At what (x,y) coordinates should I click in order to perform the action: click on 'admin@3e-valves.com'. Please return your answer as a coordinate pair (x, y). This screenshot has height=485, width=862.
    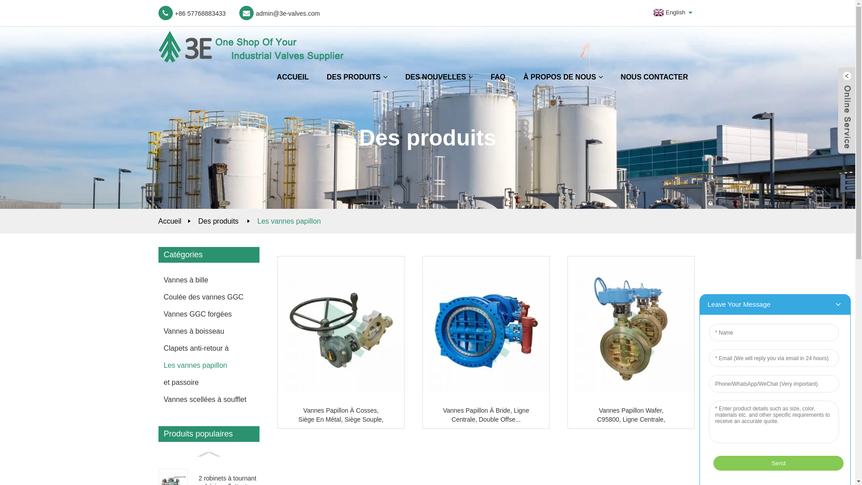
    Looking at the image, I should click on (279, 13).